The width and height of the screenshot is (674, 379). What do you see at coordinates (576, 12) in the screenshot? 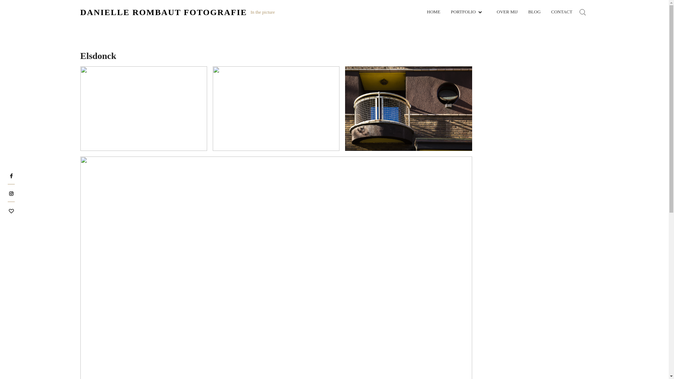
I see `'Search for:'` at bounding box center [576, 12].